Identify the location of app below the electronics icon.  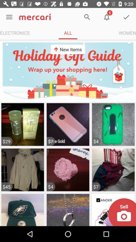
(68, 71).